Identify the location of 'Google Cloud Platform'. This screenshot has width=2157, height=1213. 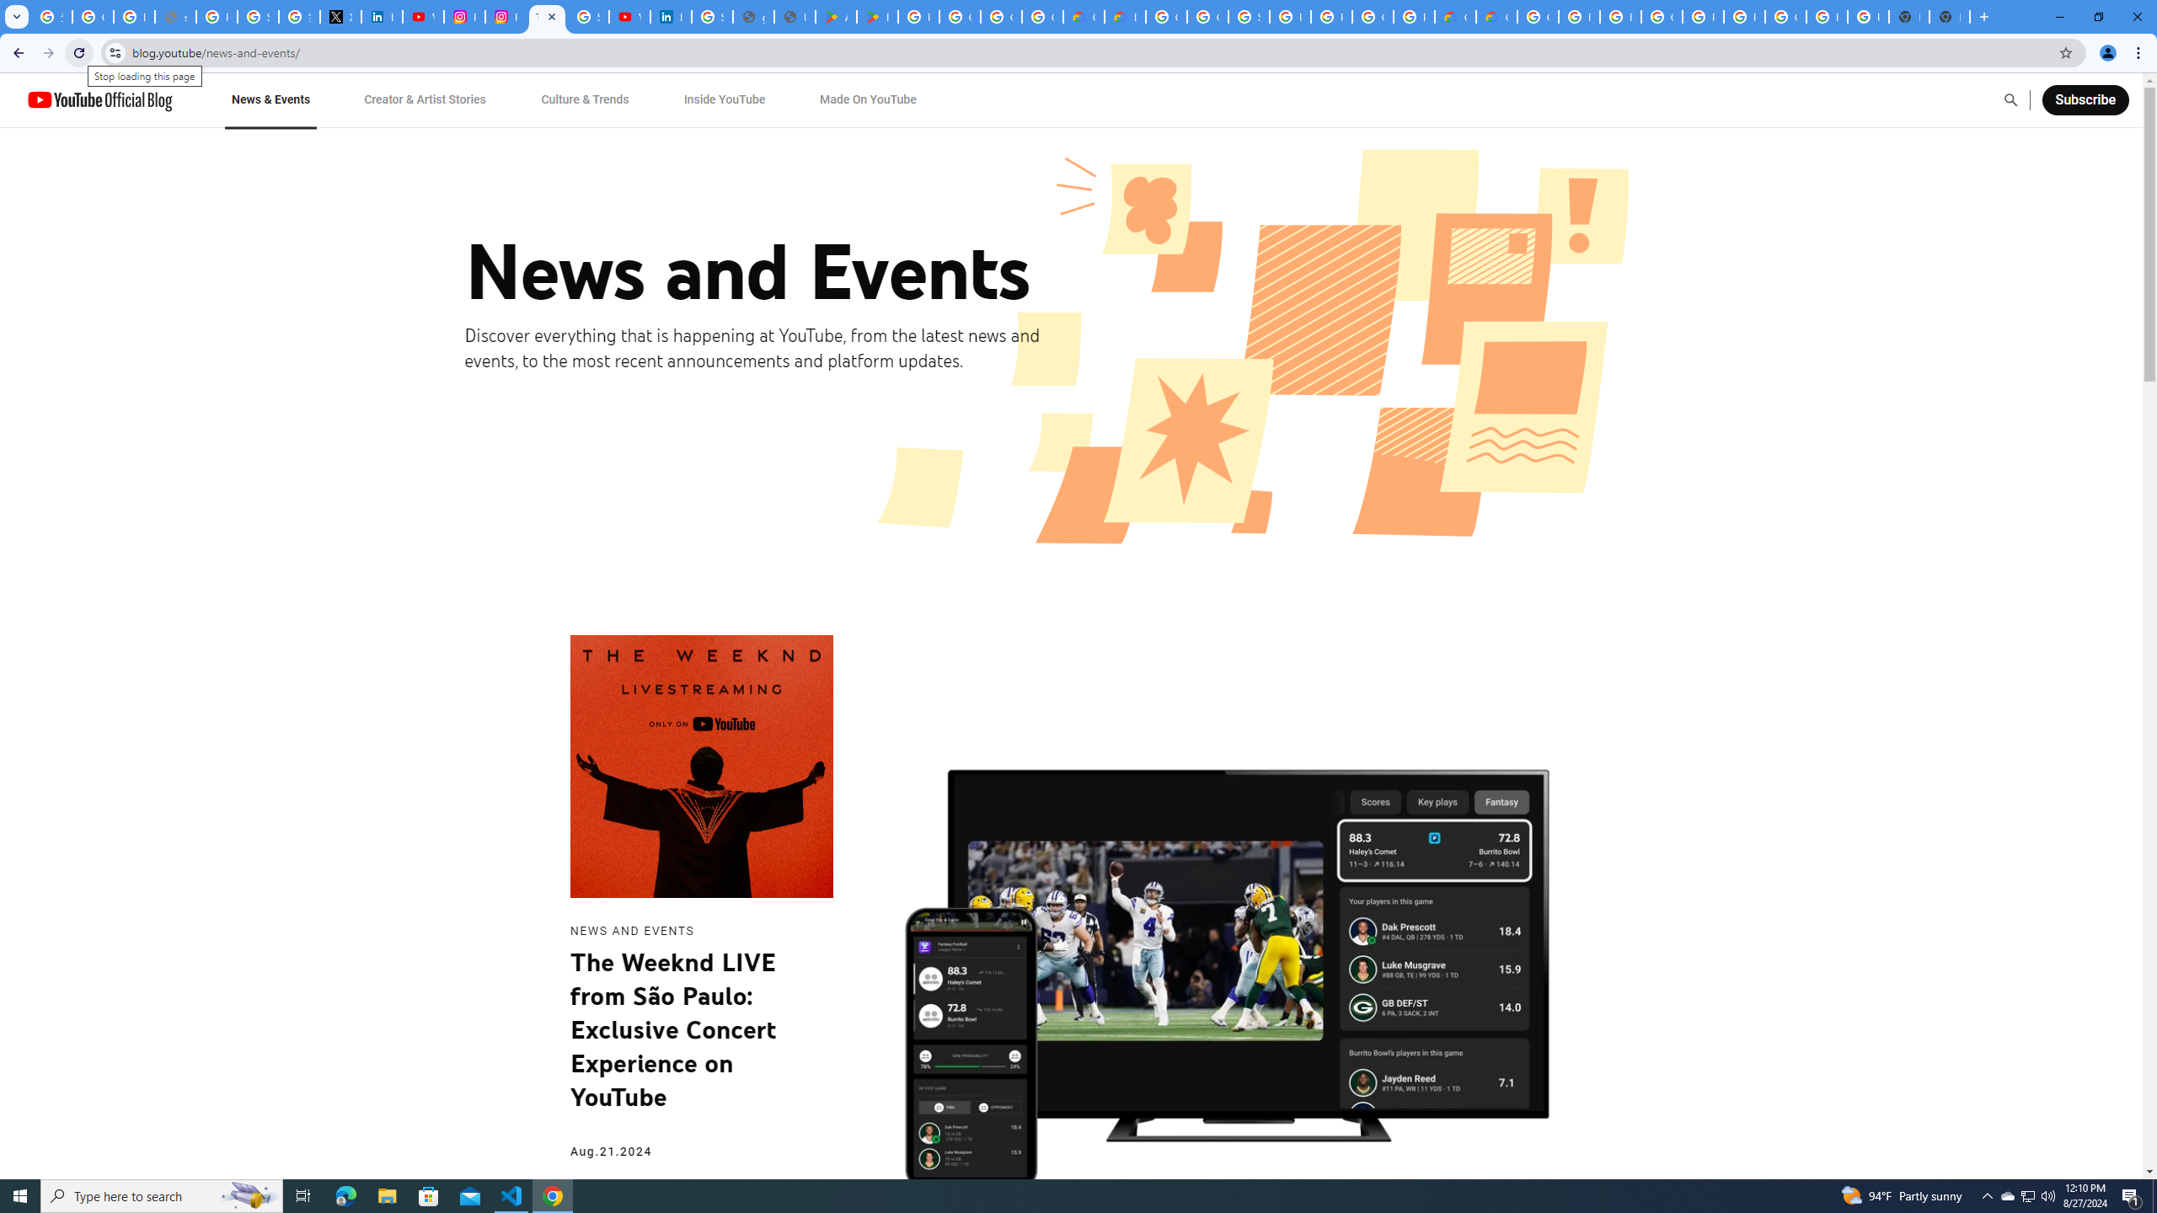
(1662, 16).